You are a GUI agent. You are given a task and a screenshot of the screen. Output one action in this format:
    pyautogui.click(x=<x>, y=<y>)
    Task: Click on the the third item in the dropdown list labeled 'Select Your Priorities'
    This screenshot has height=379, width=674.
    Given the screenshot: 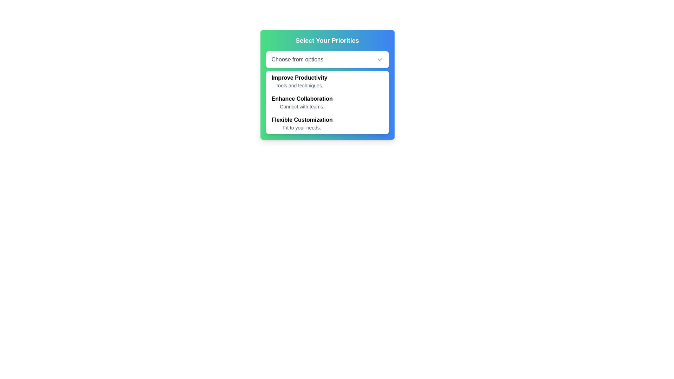 What is the action you would take?
    pyautogui.click(x=302, y=123)
    